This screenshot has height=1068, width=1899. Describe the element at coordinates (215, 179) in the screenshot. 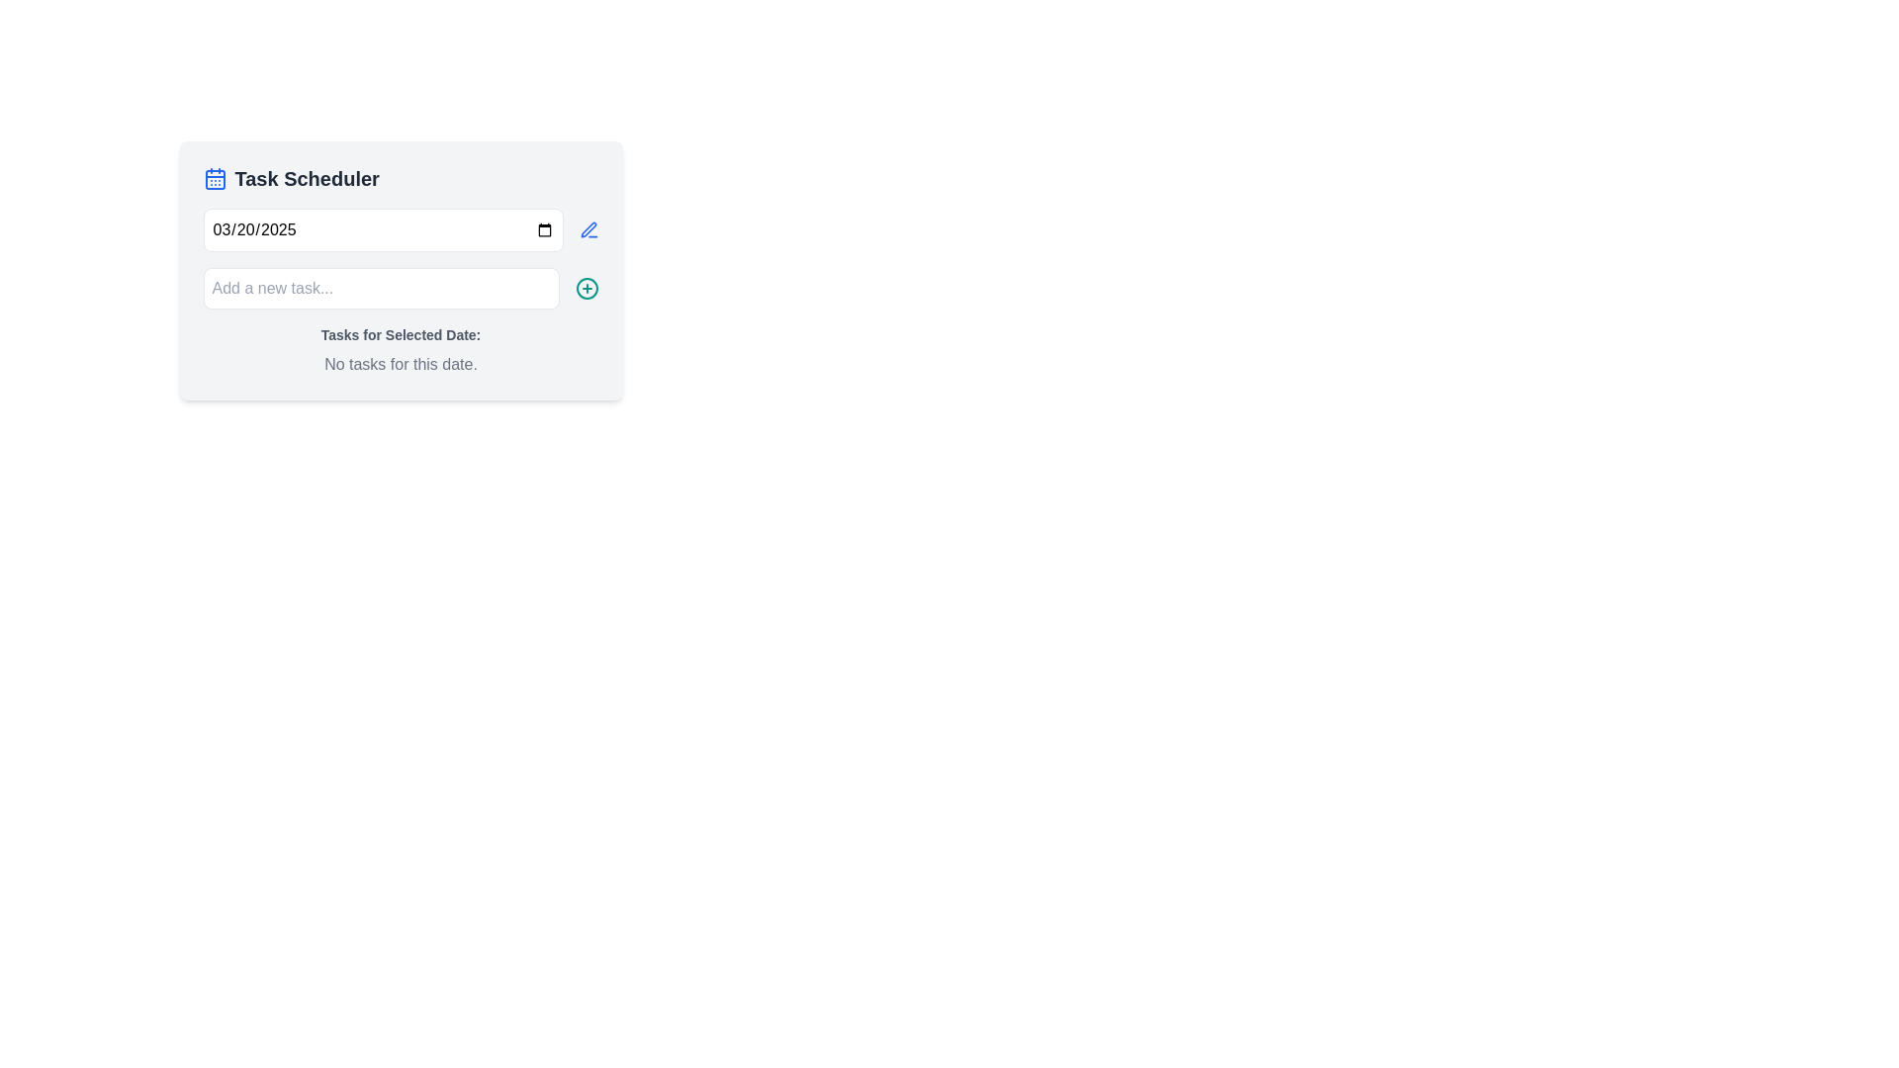

I see `the calendar icon element that visually contributes to the calendar's intended function within the 'Task Scheduler' UI component` at that location.